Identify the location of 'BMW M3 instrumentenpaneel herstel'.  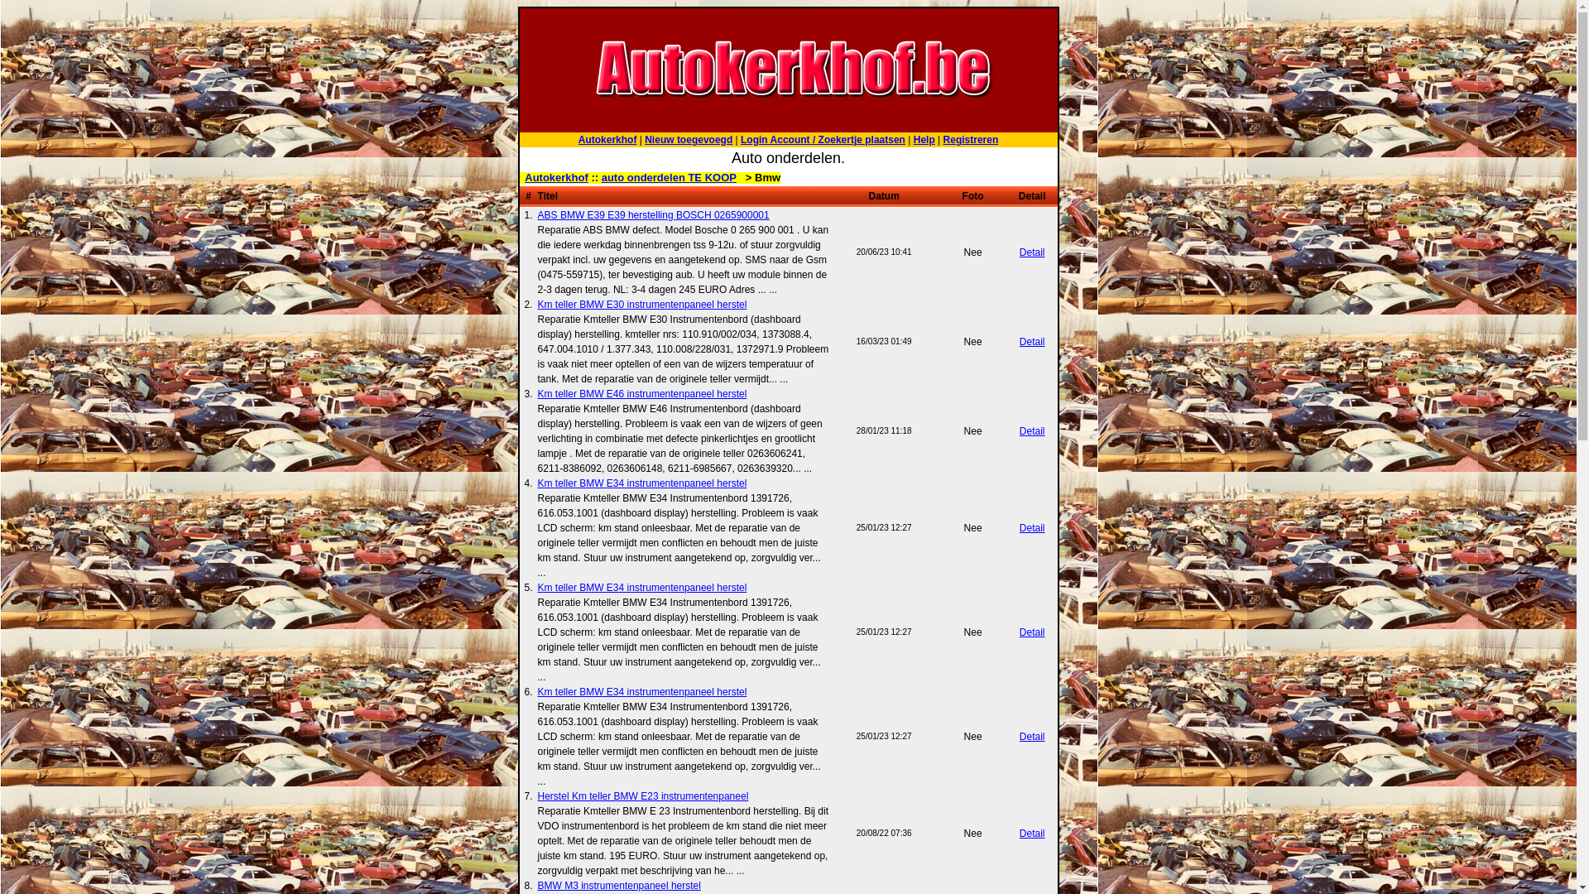
(618, 883).